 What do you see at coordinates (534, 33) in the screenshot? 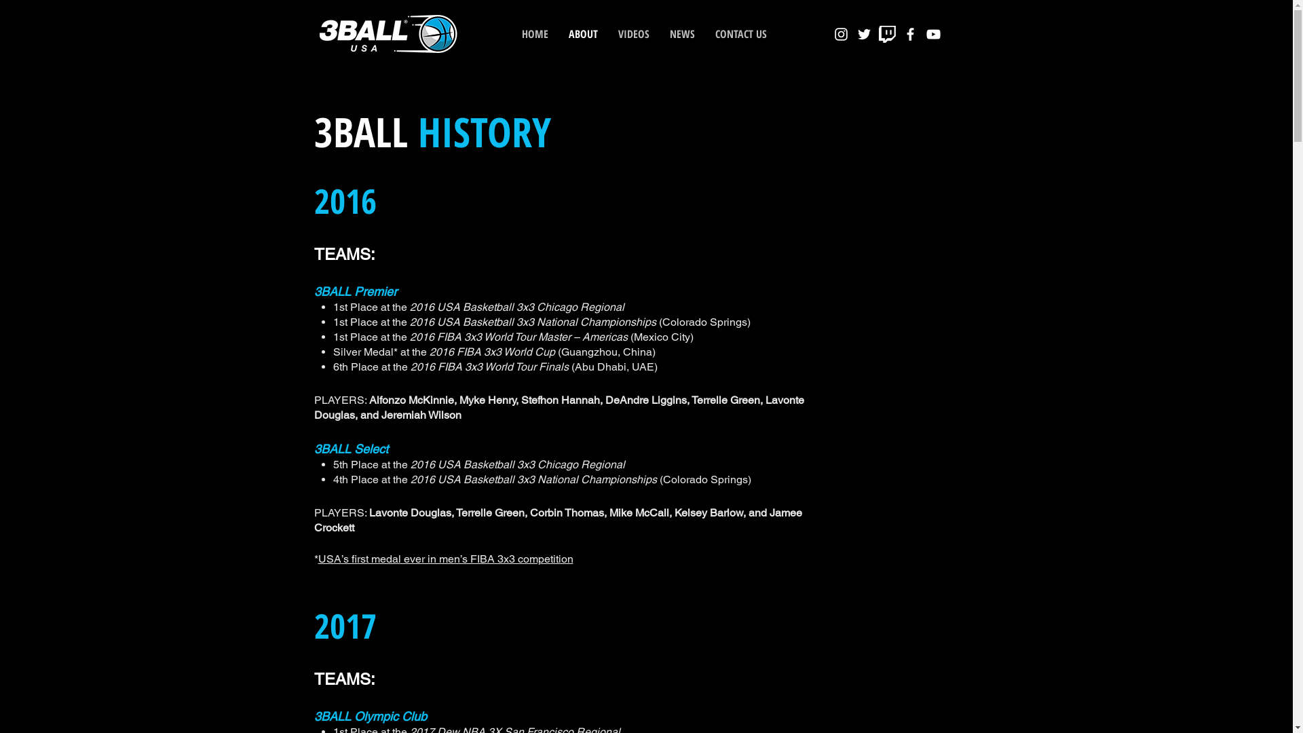
I see `'HOME'` at bounding box center [534, 33].